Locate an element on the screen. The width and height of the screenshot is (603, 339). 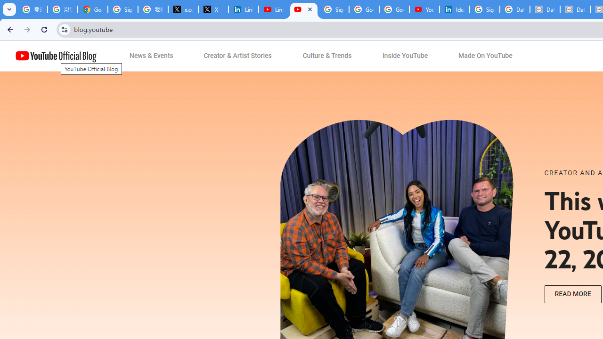
'Made On YouTube' is located at coordinates (485, 56).